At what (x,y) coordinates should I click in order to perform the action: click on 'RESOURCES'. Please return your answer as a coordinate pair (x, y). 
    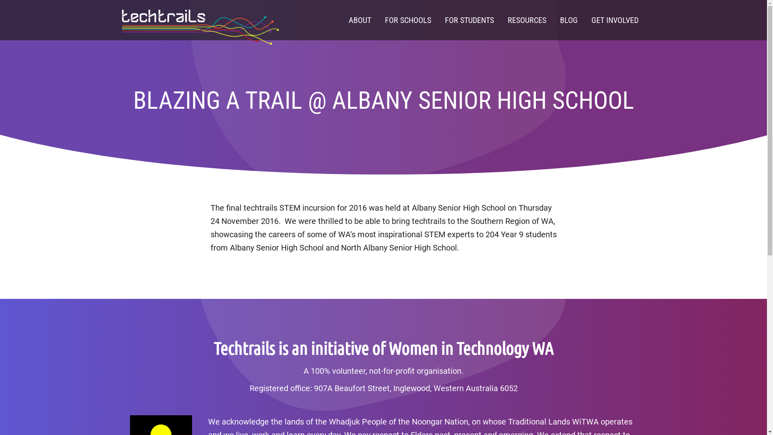
    Looking at the image, I should click on (500, 20).